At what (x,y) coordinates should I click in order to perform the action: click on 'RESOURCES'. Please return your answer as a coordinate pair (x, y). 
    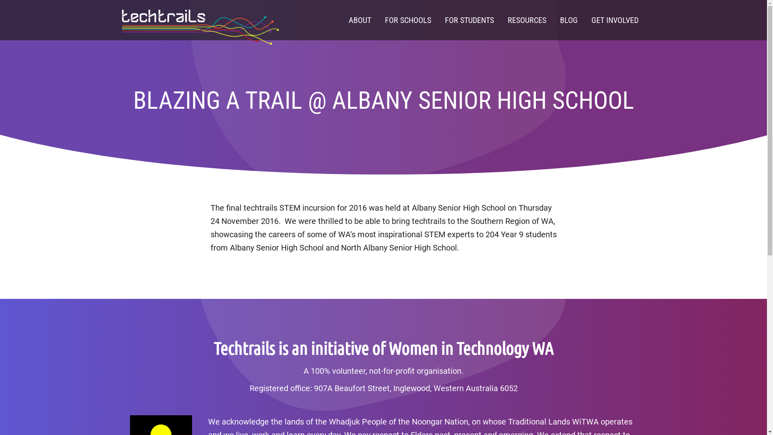
    Looking at the image, I should click on (500, 20).